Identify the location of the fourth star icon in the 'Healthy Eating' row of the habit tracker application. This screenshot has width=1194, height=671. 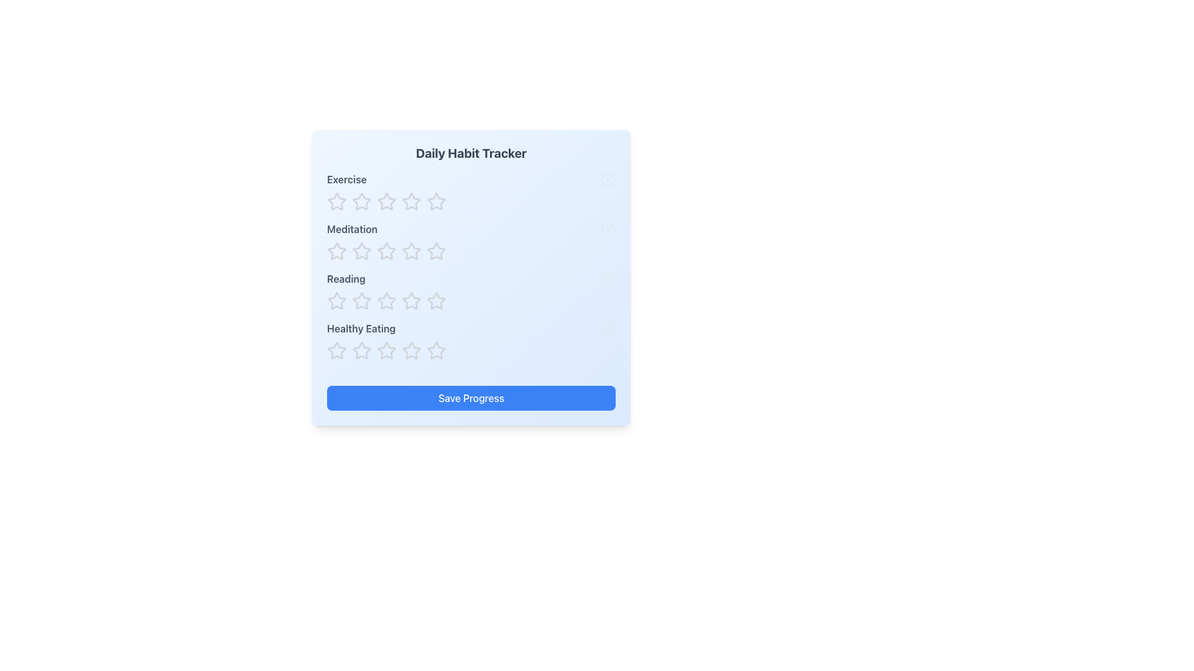
(411, 350).